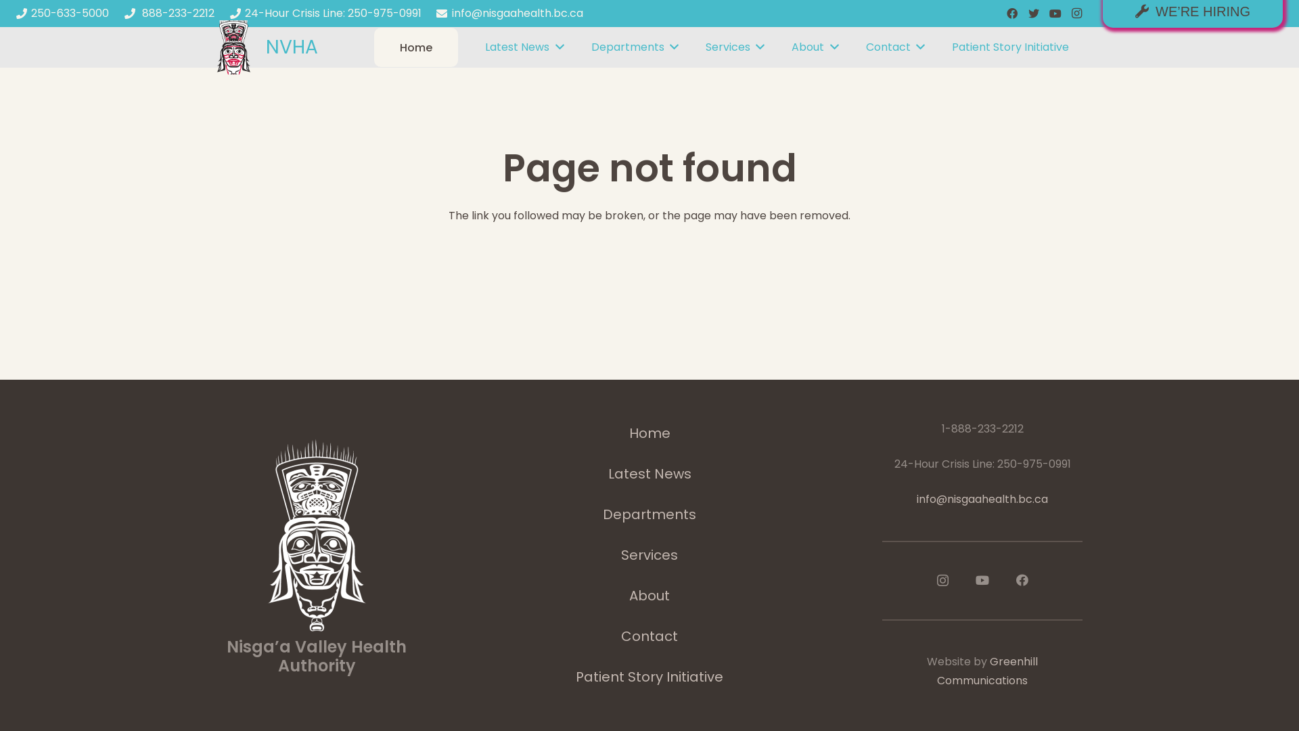 The width and height of the screenshot is (1299, 731). Describe the element at coordinates (936, 671) in the screenshot. I see `'Greenhill Communications'` at that location.